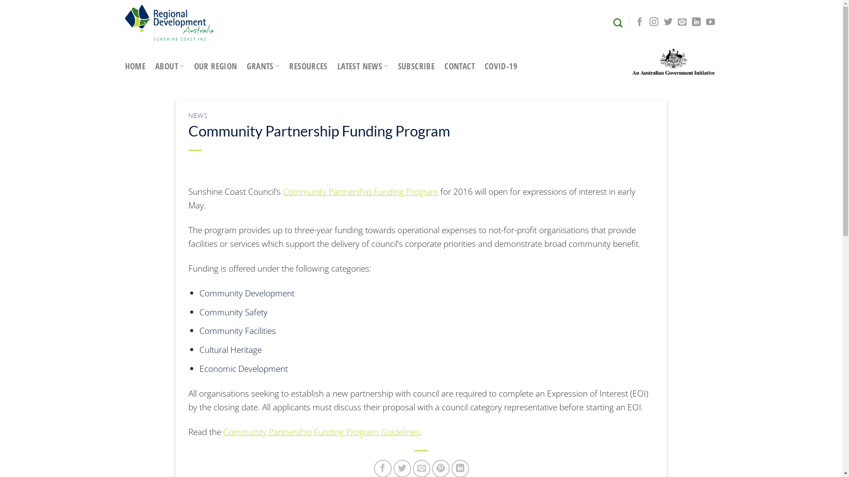  Describe the element at coordinates (501, 65) in the screenshot. I see `'COVID-19'` at that location.